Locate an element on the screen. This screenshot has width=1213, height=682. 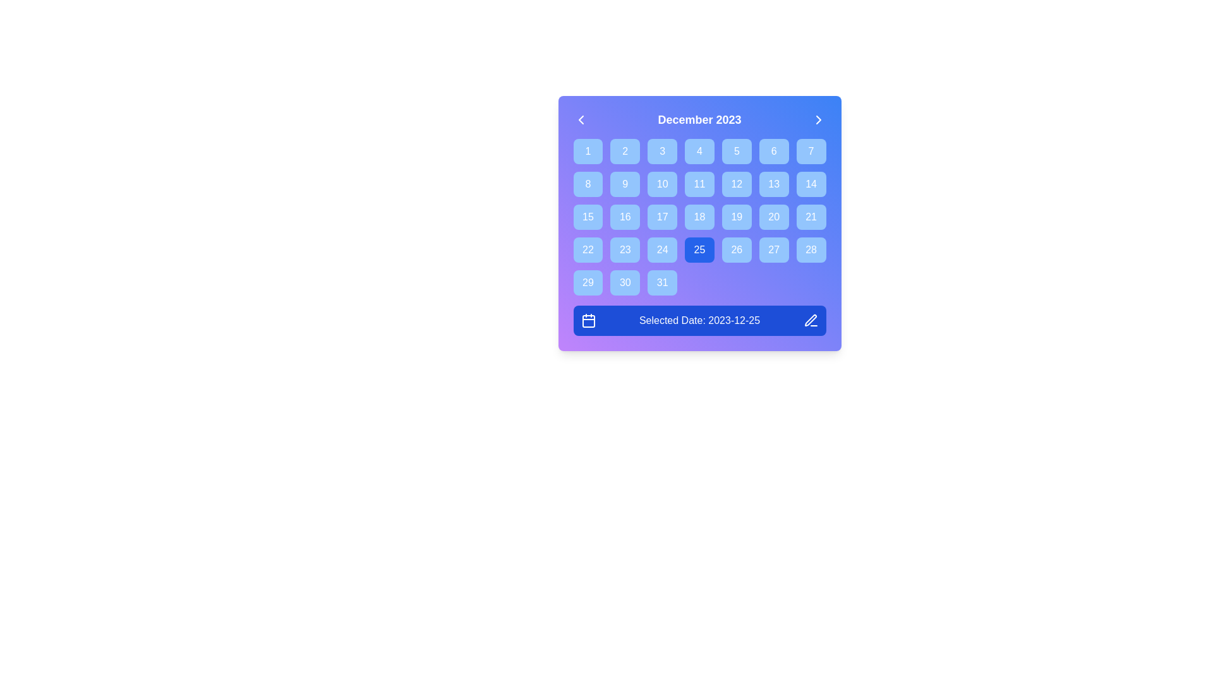
the 27th button in the calendar interface is located at coordinates (773, 250).